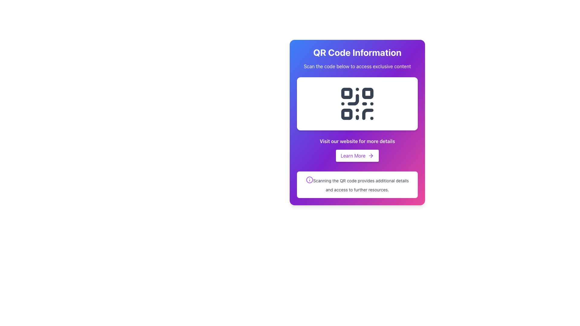 This screenshot has width=580, height=326. What do you see at coordinates (357, 141) in the screenshot?
I see `the text label that reads 'Visit our website for more details', which is centrally positioned below the QR code graphic in a modal interface` at bounding box center [357, 141].